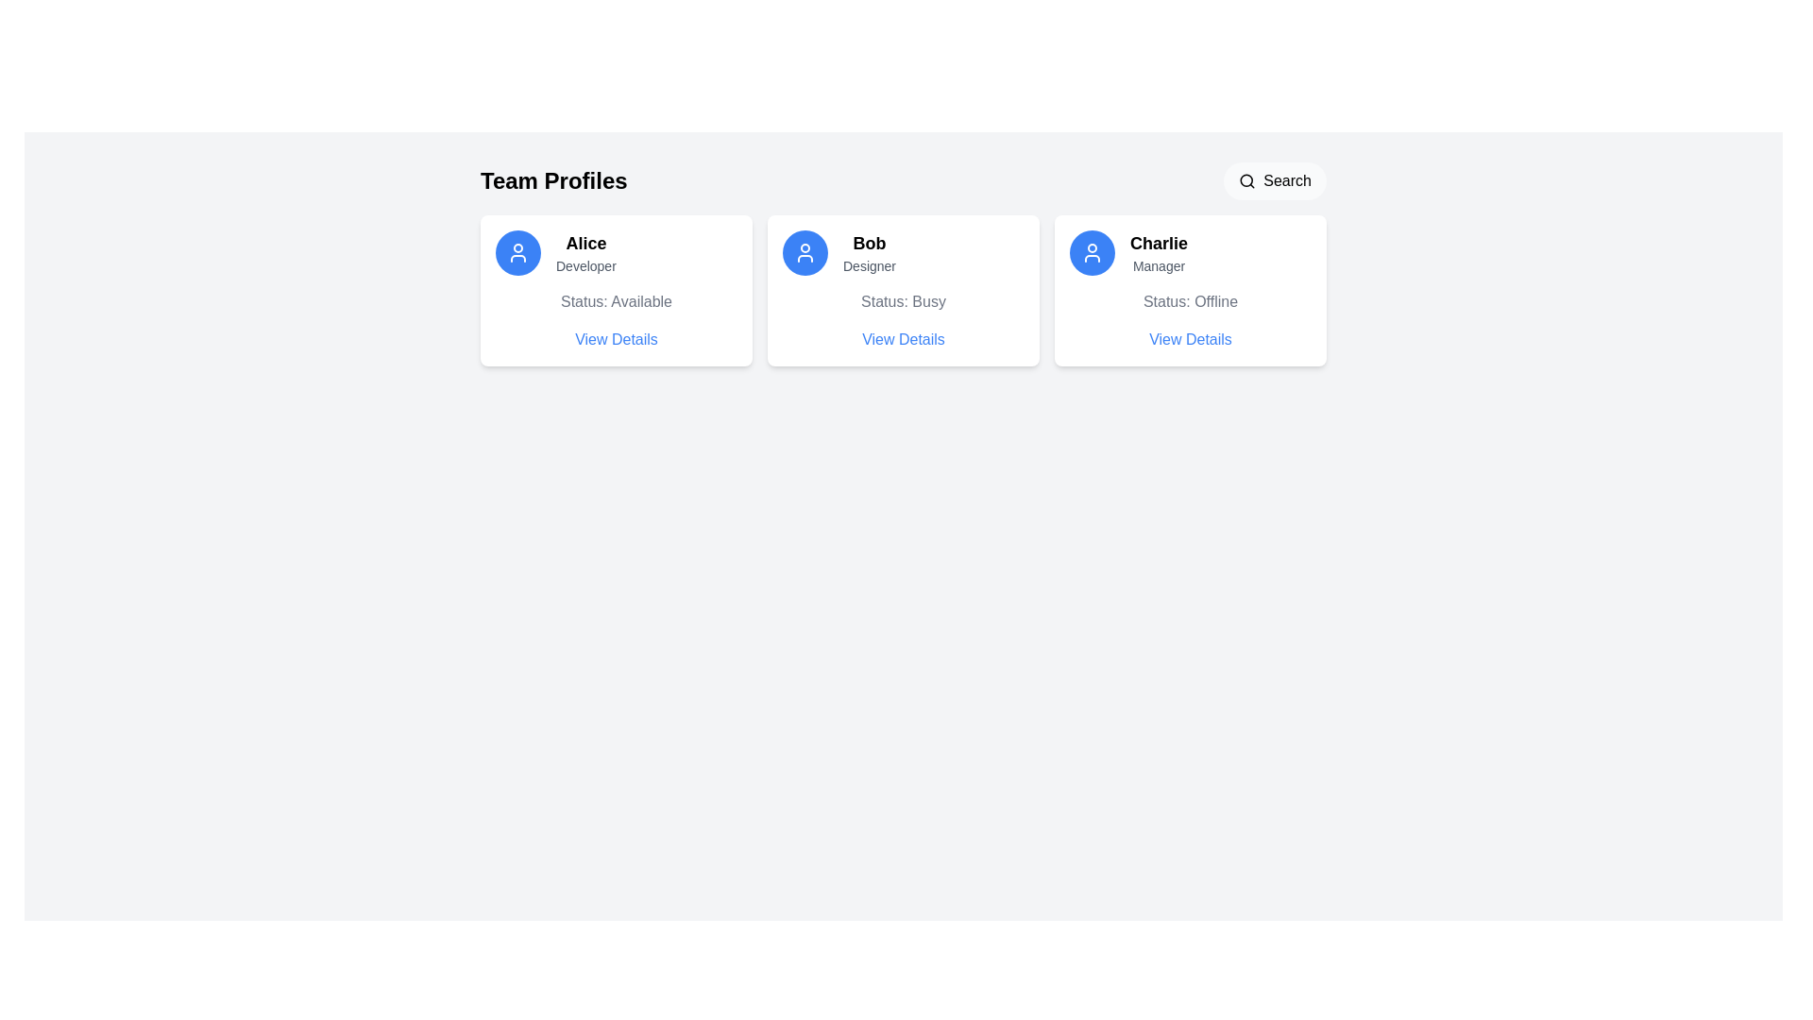 This screenshot has width=1813, height=1020. I want to click on the interactive text button labeled 'View Details' located in the bottom-right part of the profile card for 'Bob - Designer - Status: Busy', so click(902, 338).